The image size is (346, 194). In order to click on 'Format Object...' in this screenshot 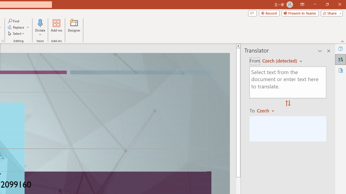, I will do `click(3, 40)`.